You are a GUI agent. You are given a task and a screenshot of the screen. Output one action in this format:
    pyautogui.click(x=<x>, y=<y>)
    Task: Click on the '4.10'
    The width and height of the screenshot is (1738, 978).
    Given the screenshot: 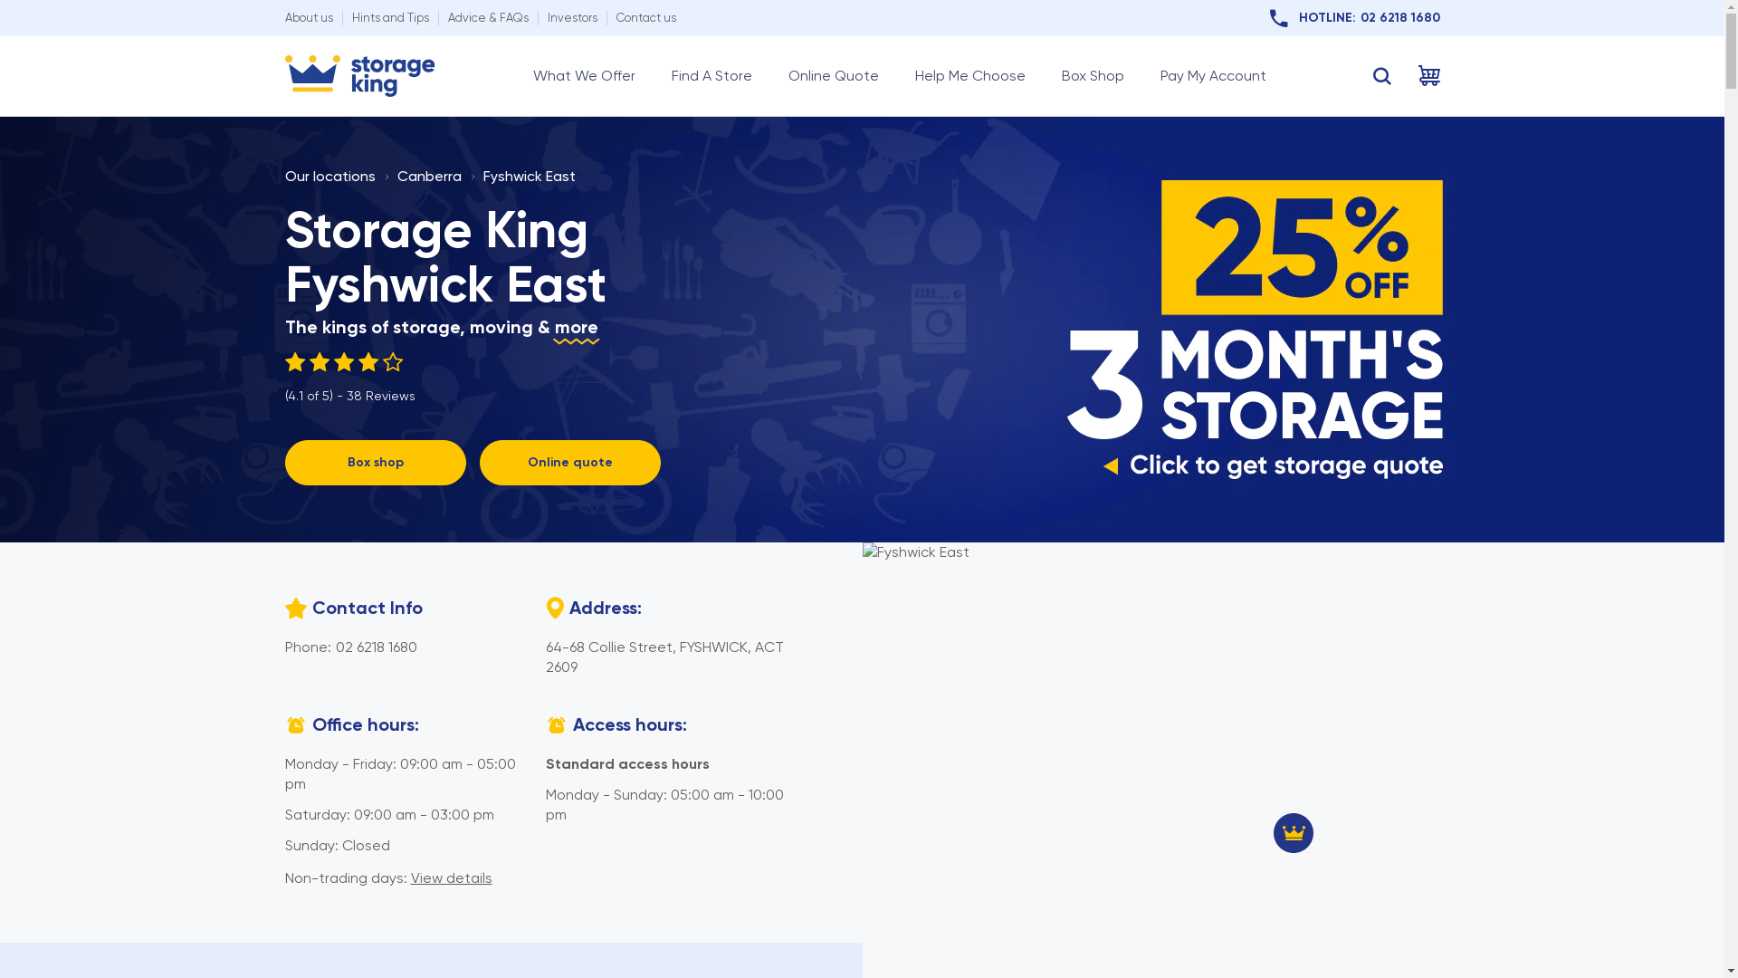 What is the action you would take?
    pyautogui.click(x=349, y=362)
    